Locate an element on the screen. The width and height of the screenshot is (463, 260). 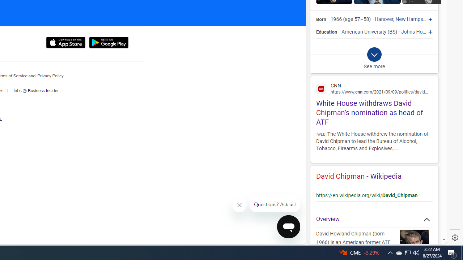
'Close message from company' is located at coordinates (240, 205).